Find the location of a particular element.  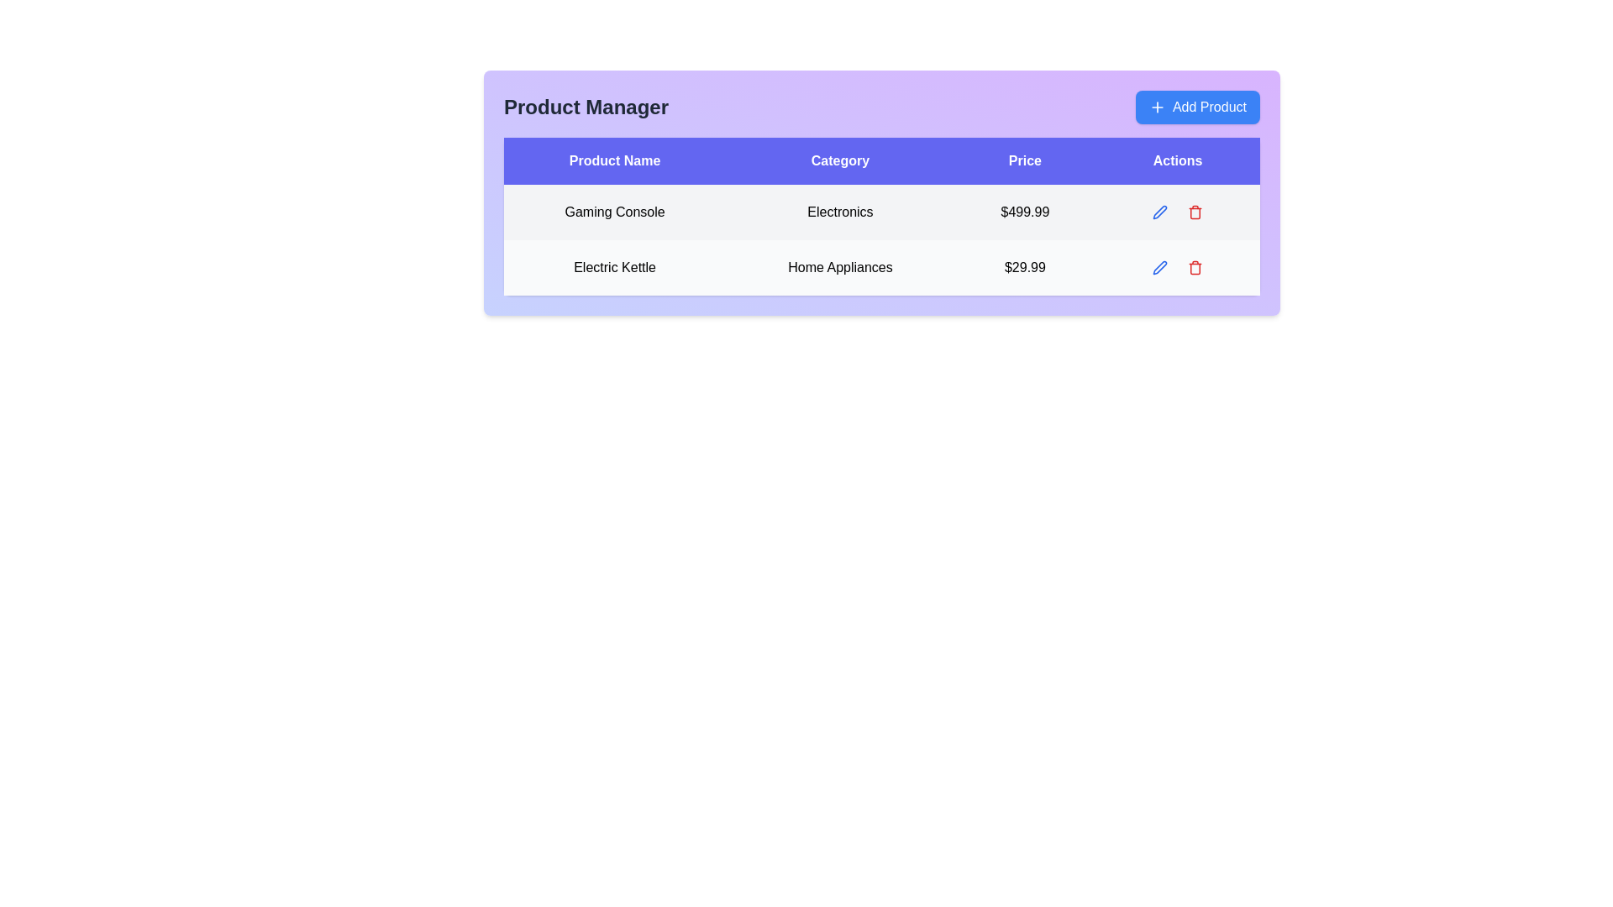

the bold, large-sized text label reading 'Product Manager' with a dark gray color on a light purple background, located in the top-left region of the interface is located at coordinates (586, 107).